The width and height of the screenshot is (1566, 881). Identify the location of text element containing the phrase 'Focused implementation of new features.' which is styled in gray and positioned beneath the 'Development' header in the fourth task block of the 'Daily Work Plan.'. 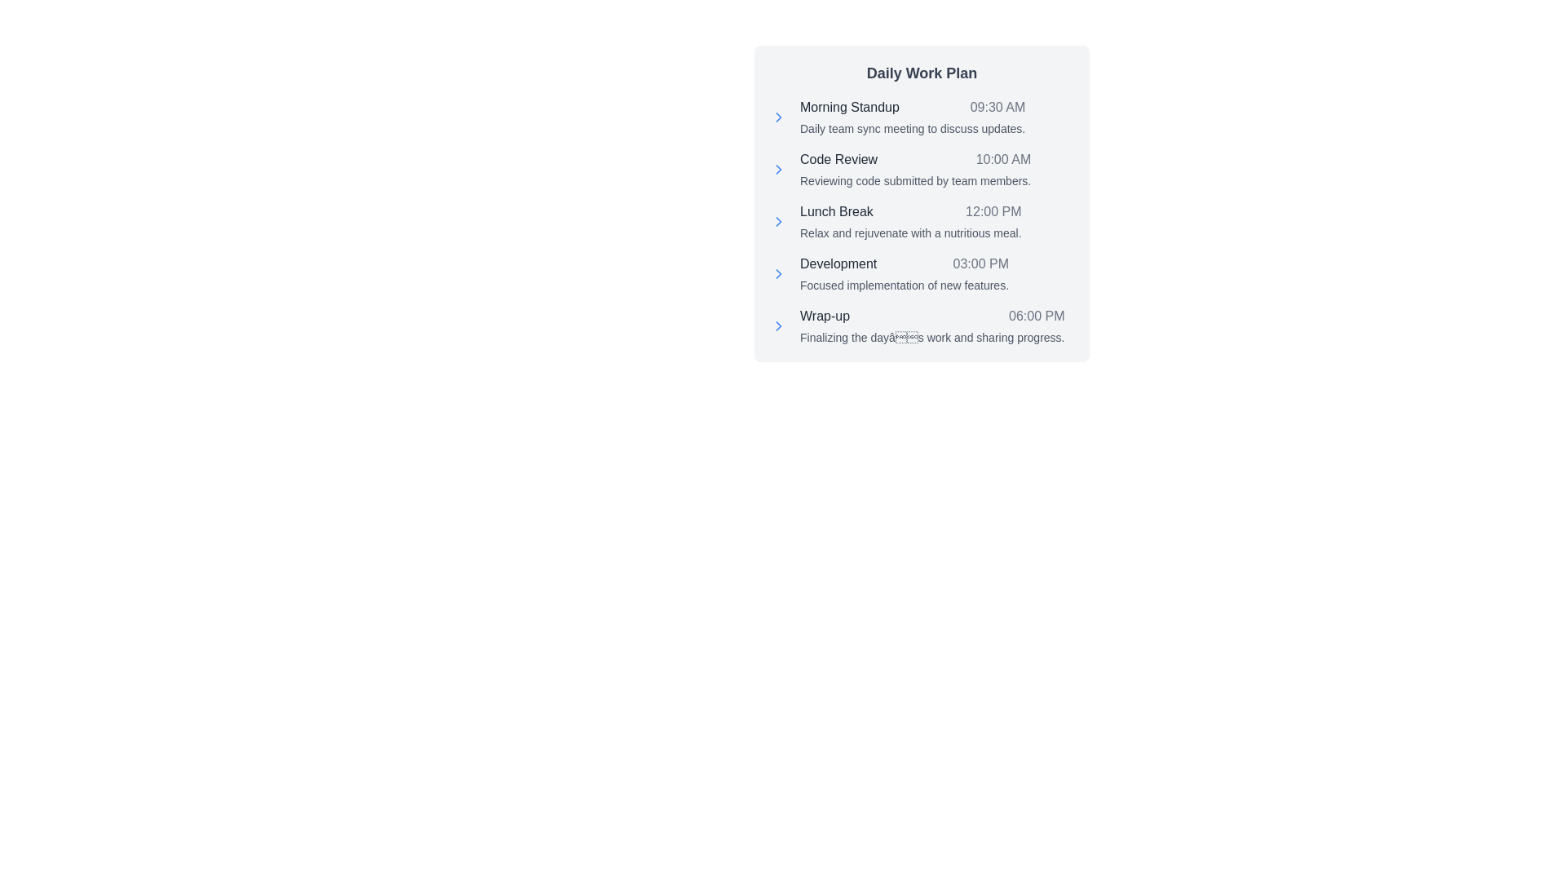
(903, 285).